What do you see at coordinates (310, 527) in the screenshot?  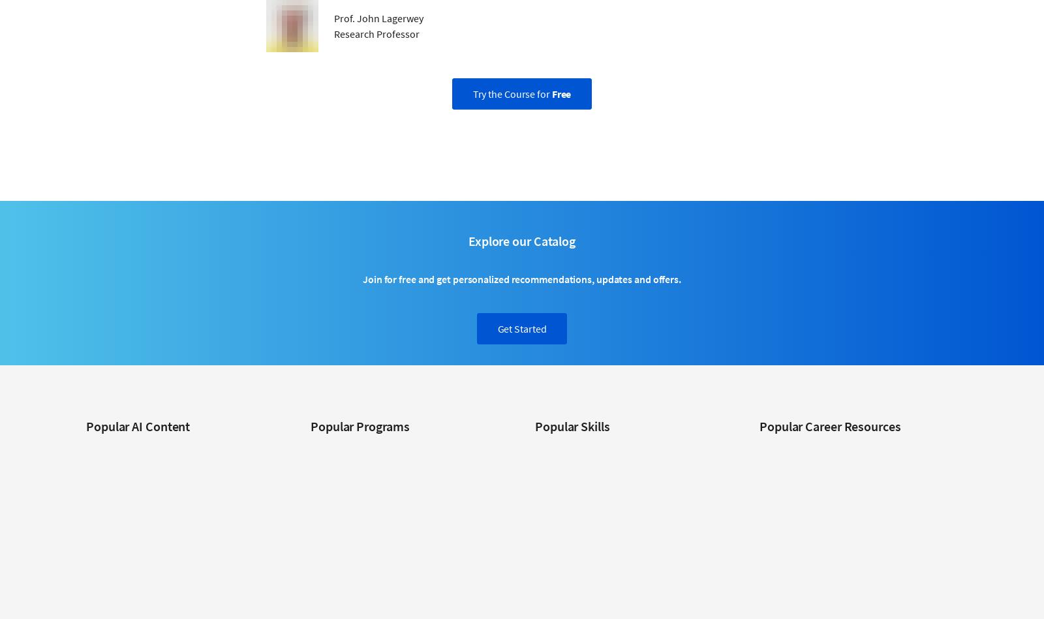 I see `'Google IT Automation with Python Professional Certificate'` at bounding box center [310, 527].